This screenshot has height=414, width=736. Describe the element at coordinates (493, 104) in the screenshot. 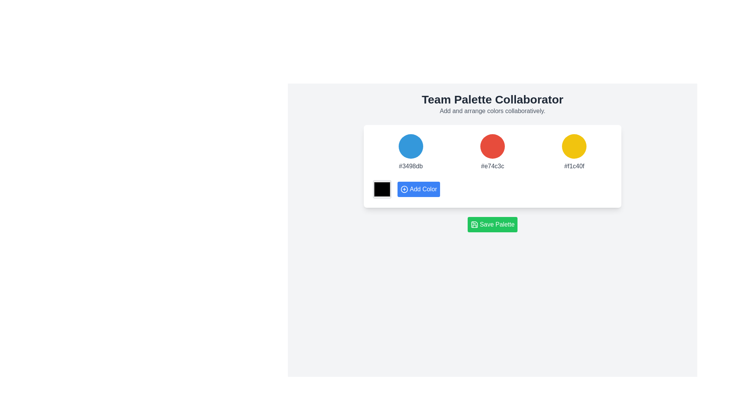

I see `the text block displaying 'Team Palette Collaborator' and 'Add and arrange colors collaboratively.' which serves as the header of the interface` at that location.